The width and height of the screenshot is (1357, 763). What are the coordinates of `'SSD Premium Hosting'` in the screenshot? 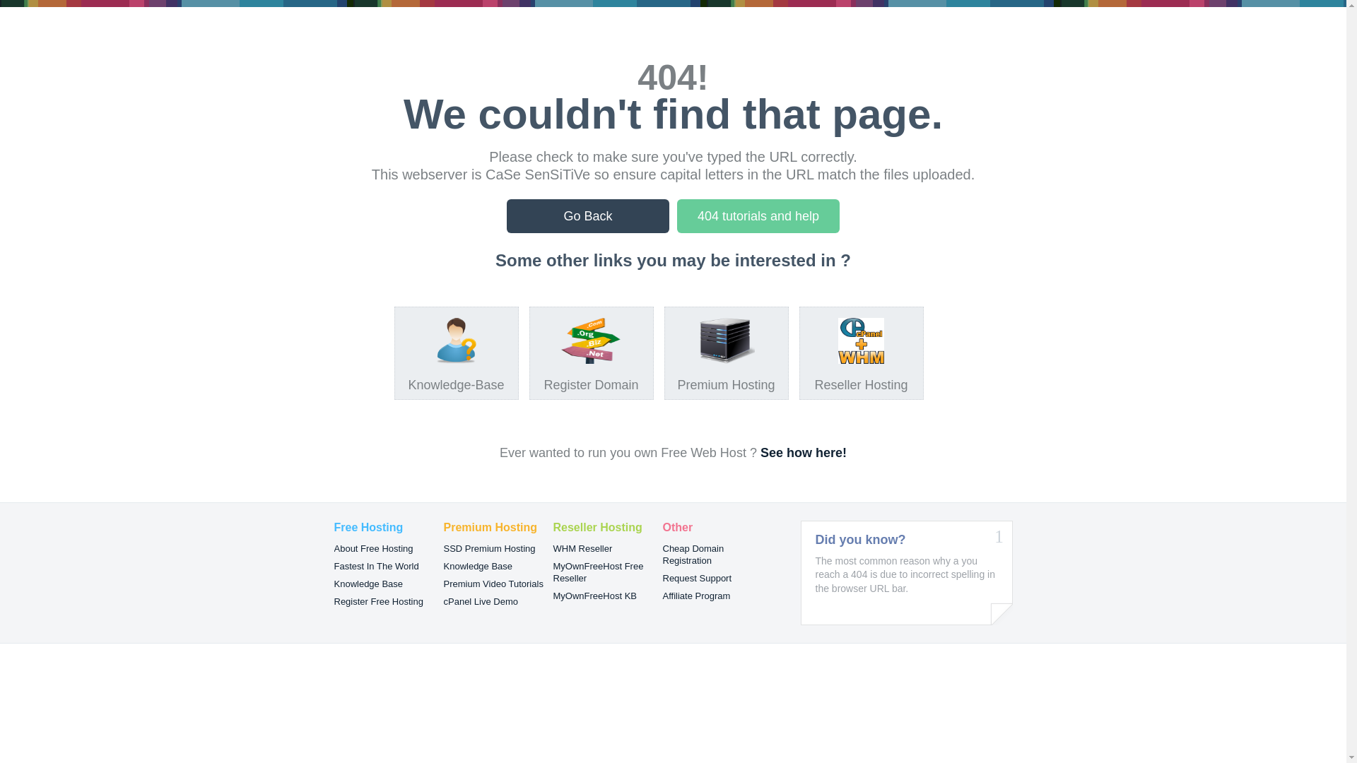 It's located at (489, 548).